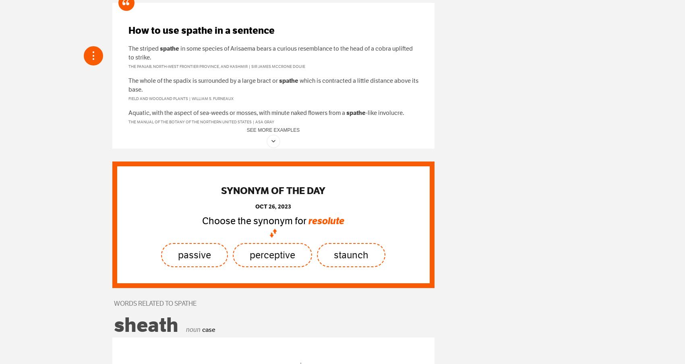 Image resolution: width=685 pixels, height=364 pixels. I want to click on 'resolute', so click(326, 221).